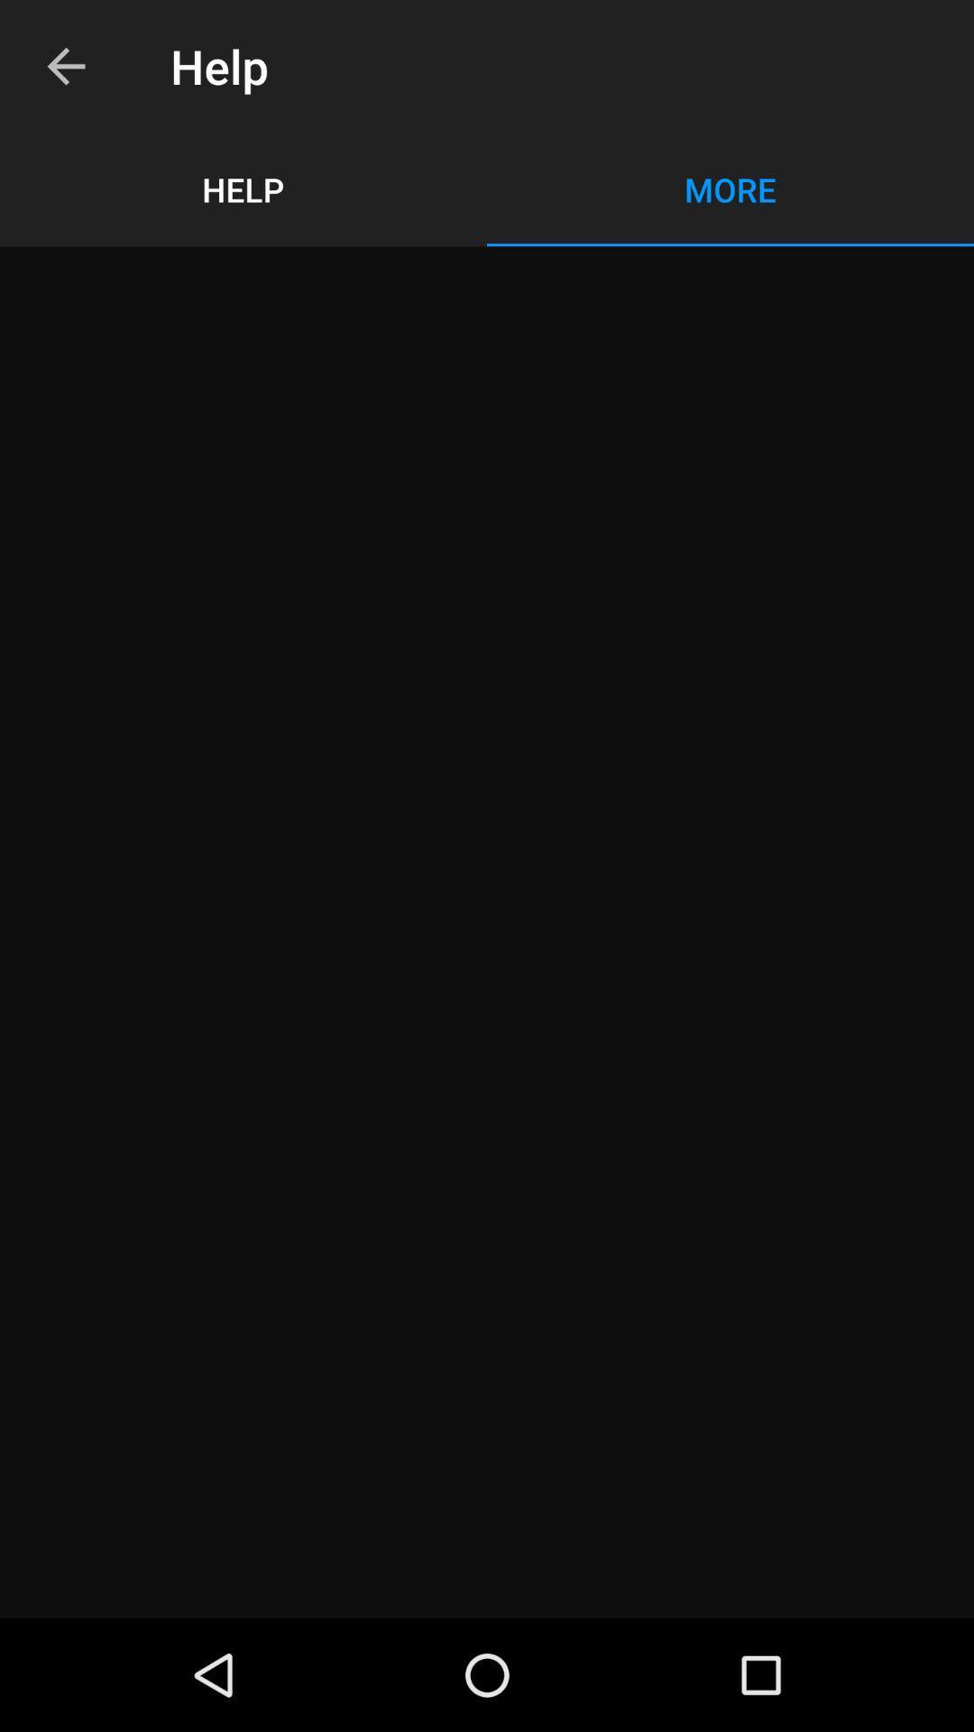  Describe the element at coordinates (65, 66) in the screenshot. I see `the icon to the left of the help` at that location.